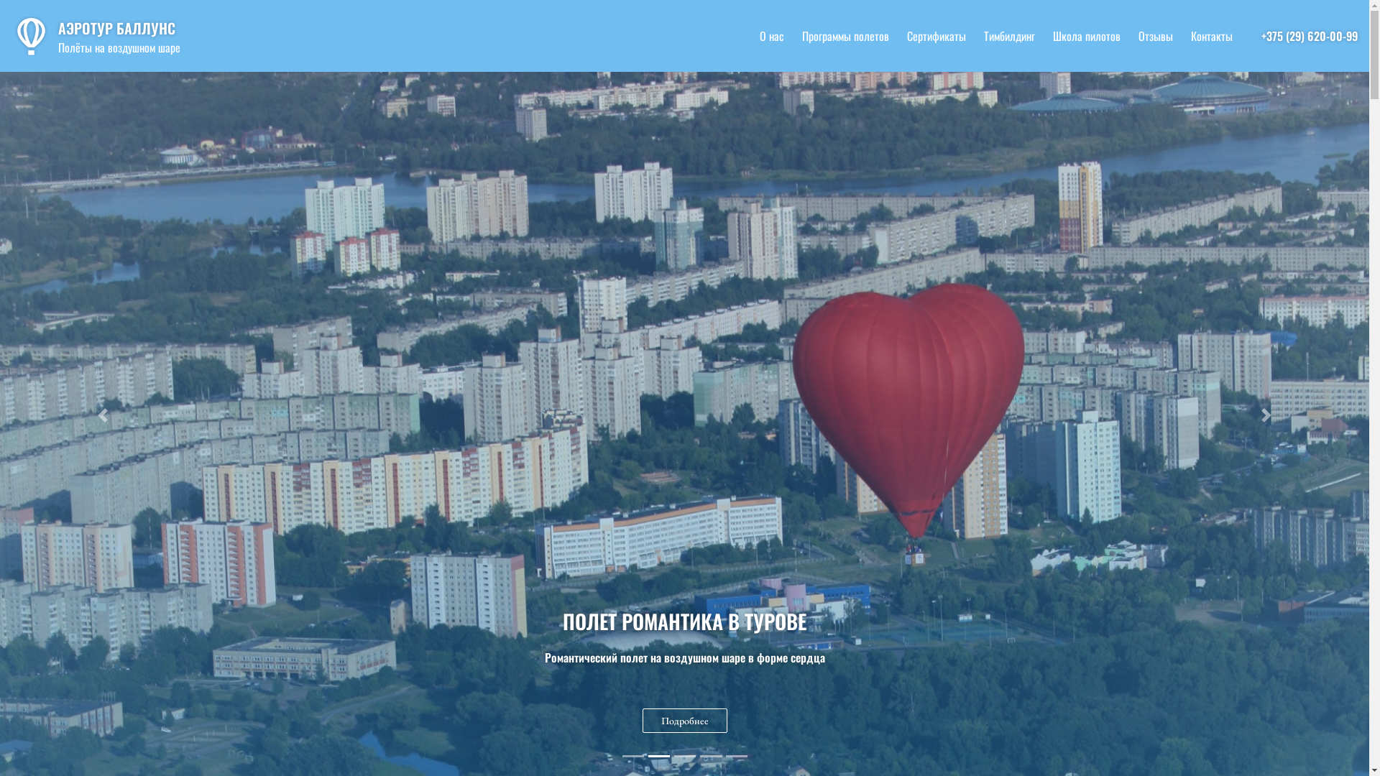 The height and width of the screenshot is (776, 1380). I want to click on '+375 (29) 620-00-99', so click(1261, 35).